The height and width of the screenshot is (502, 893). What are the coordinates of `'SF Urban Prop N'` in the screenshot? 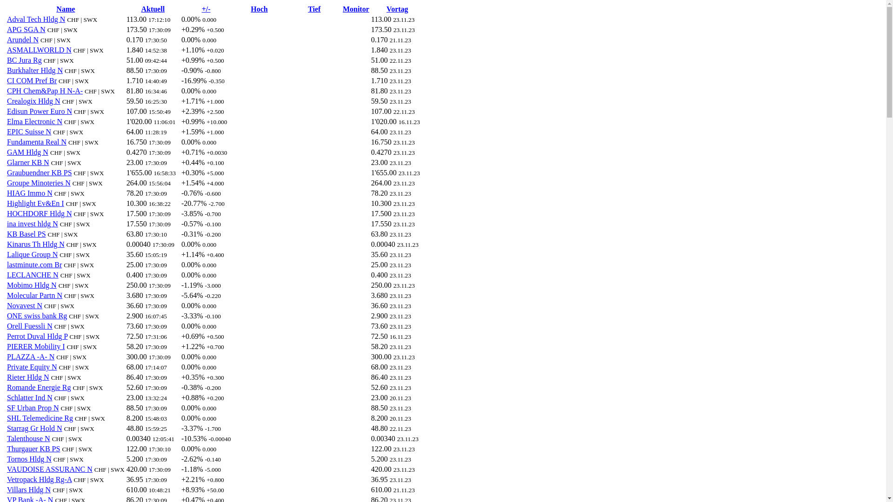 It's located at (7, 407).